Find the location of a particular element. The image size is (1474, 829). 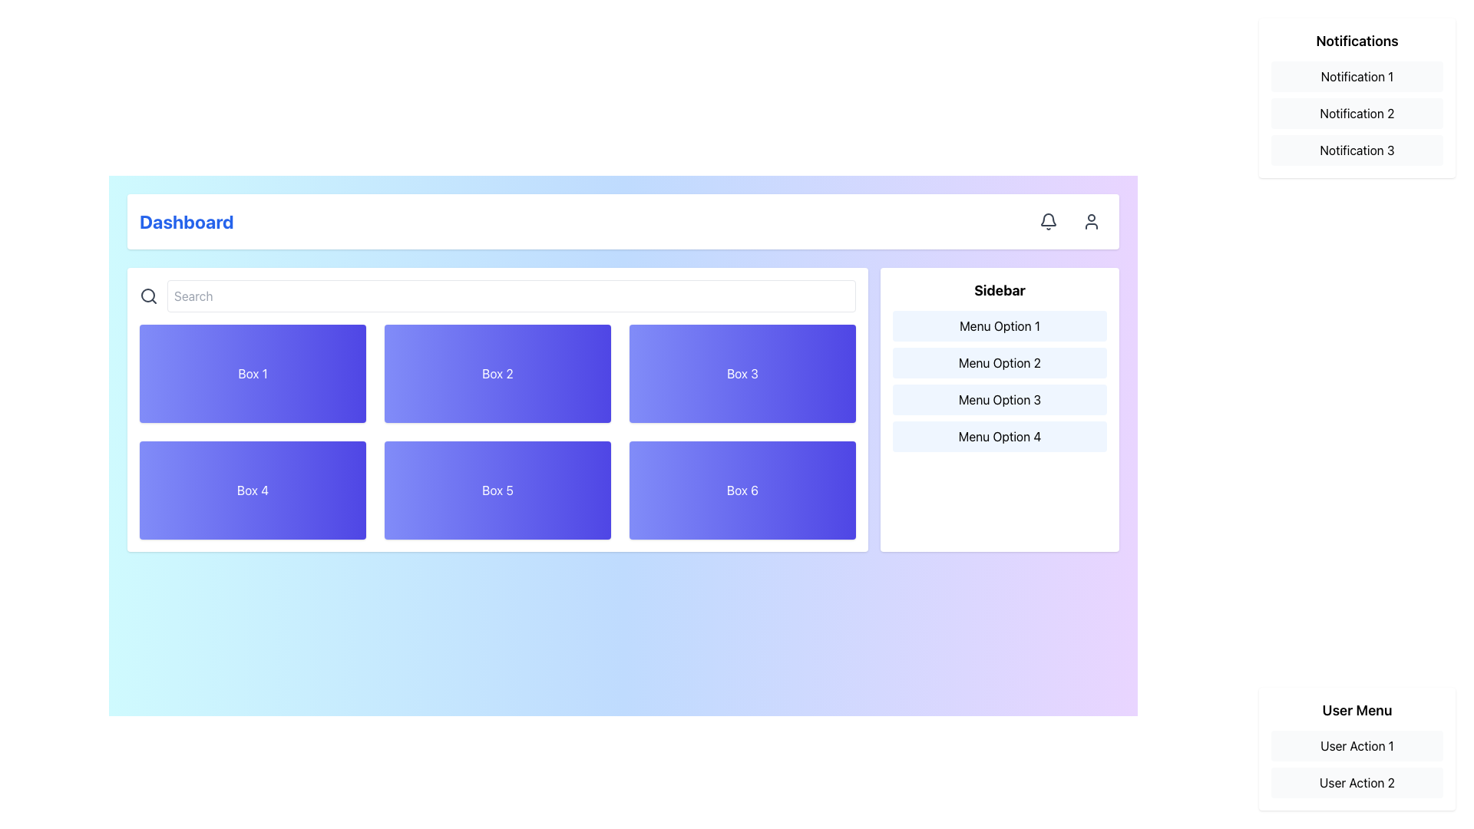

the vertical menu group in the 'Sidebar' section is located at coordinates (1000, 381).